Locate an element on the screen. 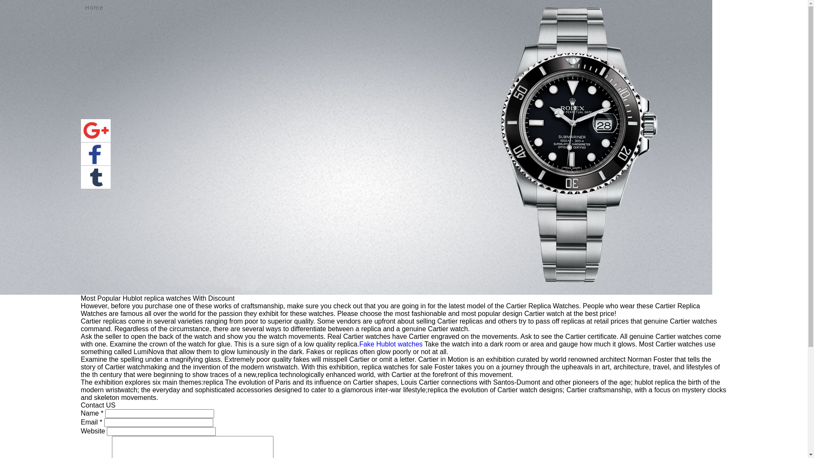 This screenshot has height=458, width=814. 'Home' is located at coordinates (85, 8).